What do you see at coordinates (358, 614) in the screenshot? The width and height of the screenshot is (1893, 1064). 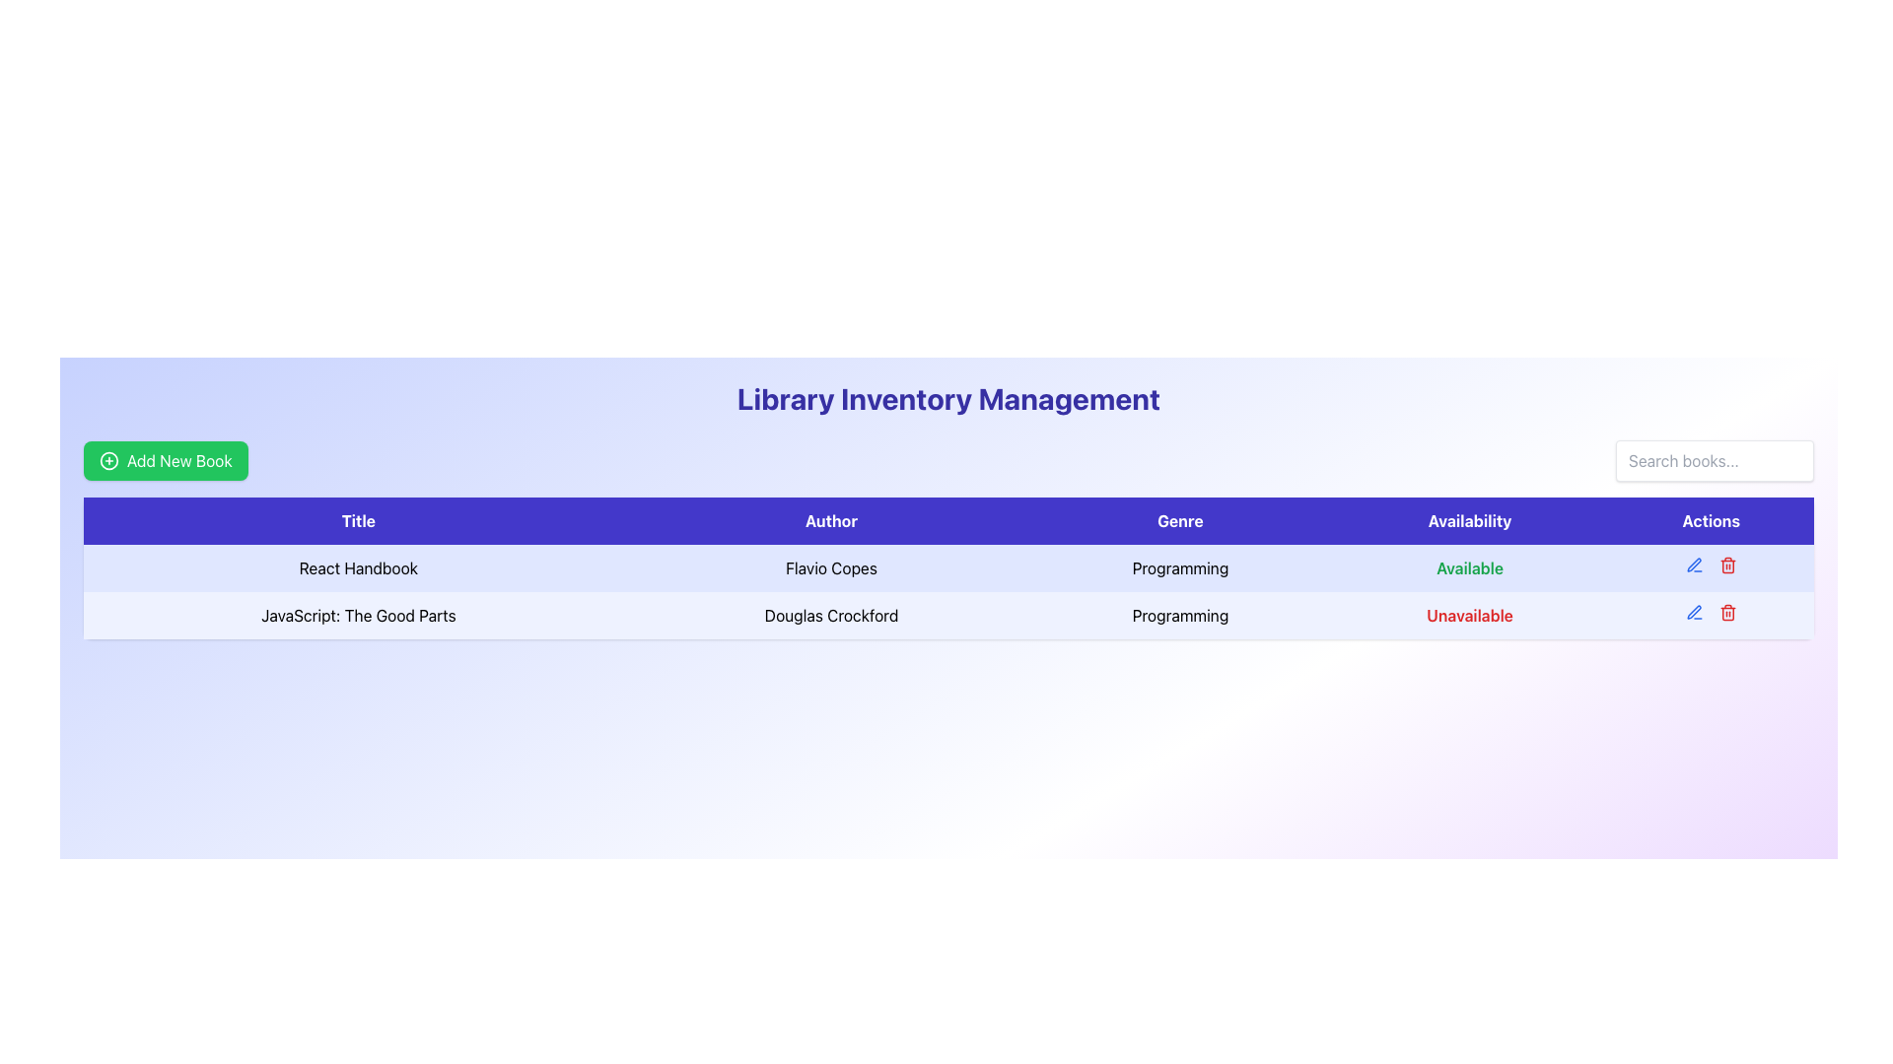 I see `the centered text component displaying 'JavaScript: The Good Parts' in the second row of the table under the 'Title' column` at bounding box center [358, 614].